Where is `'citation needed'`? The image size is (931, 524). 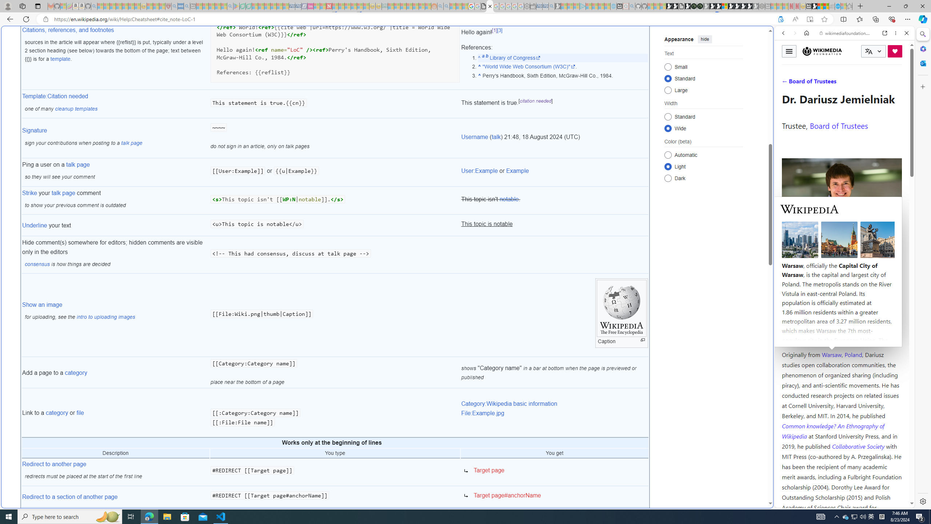
'citation needed' is located at coordinates (535, 100).